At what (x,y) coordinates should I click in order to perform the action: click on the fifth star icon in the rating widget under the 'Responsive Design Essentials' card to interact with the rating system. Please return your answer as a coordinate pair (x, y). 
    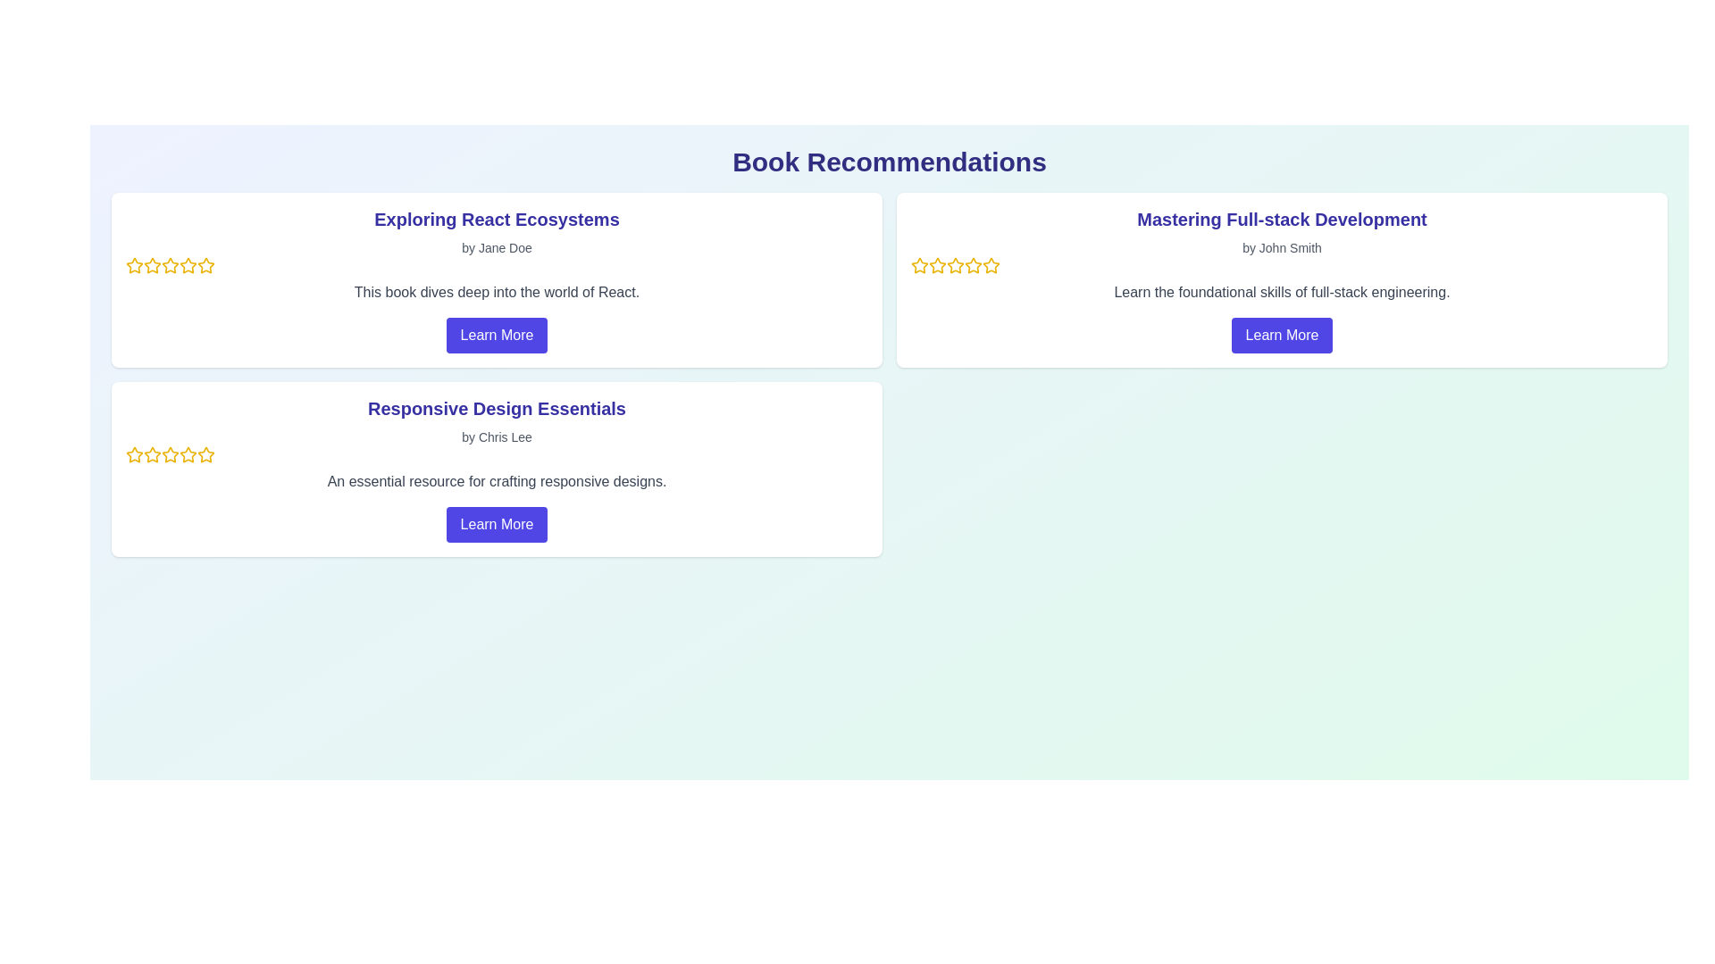
    Looking at the image, I should click on (171, 453).